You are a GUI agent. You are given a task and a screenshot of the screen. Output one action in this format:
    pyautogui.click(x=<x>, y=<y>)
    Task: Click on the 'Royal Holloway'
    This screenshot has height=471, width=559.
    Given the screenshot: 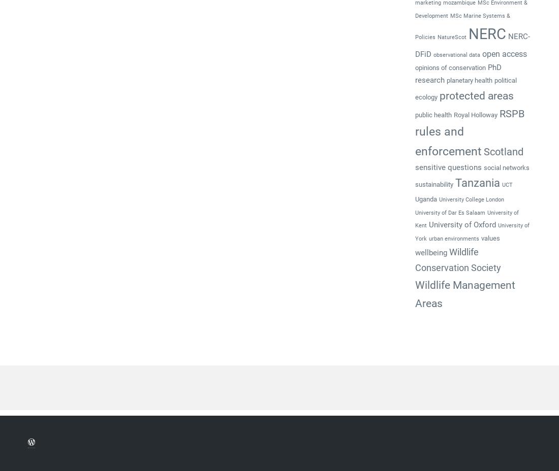 What is the action you would take?
    pyautogui.click(x=475, y=114)
    